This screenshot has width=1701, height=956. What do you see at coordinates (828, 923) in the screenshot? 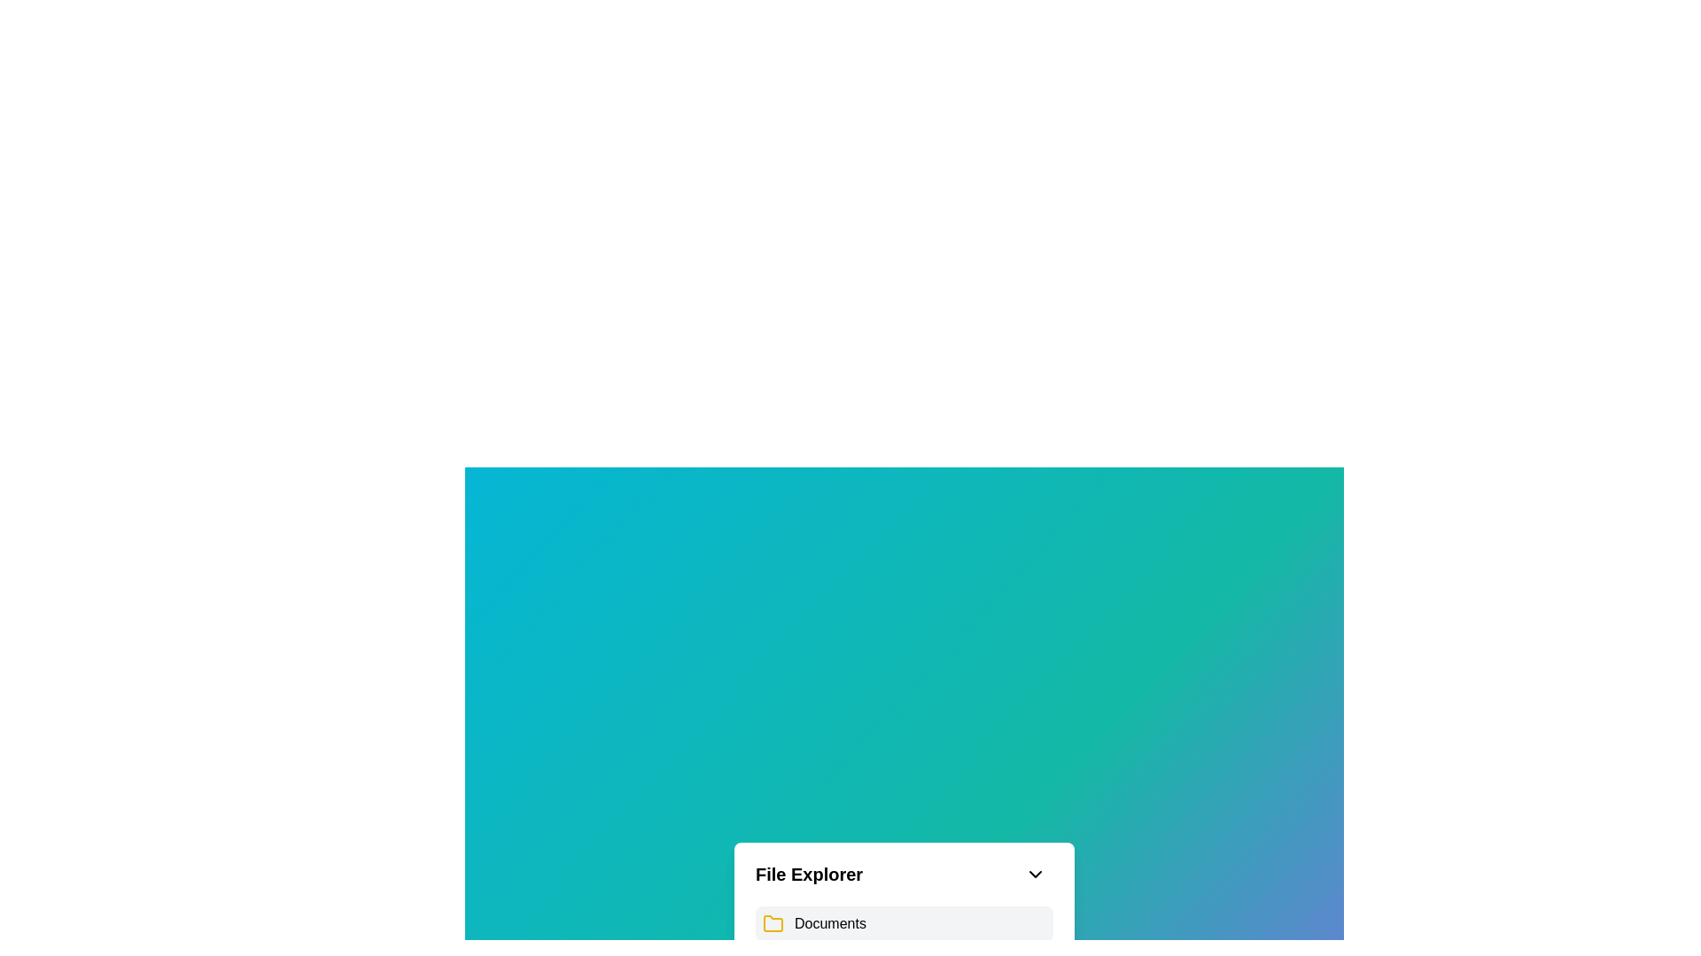
I see `the Documents from the FileManagementMenu` at bounding box center [828, 923].